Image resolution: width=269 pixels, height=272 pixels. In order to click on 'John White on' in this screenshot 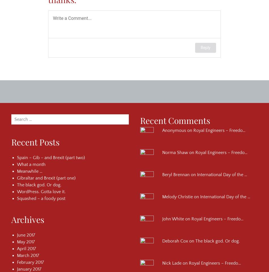, I will do `click(177, 219)`.